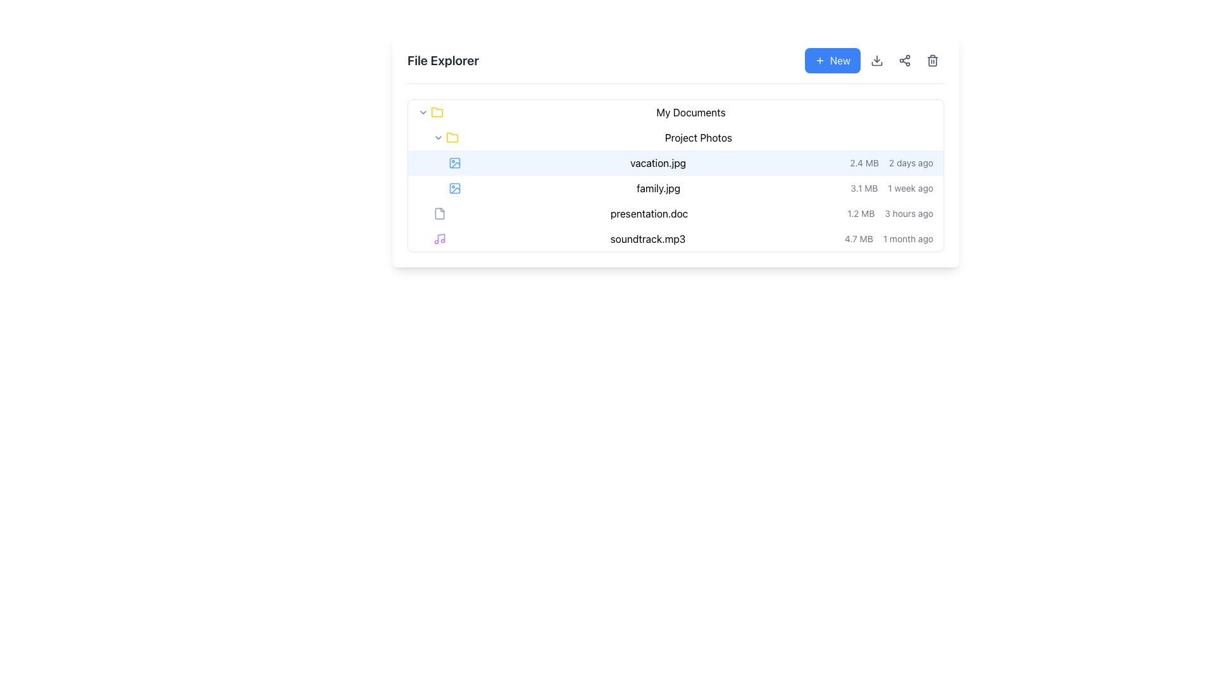 This screenshot has width=1215, height=683. Describe the element at coordinates (455, 163) in the screenshot. I see `the blue SVG icon representing an image located to the left of the filename 'vacation.jpg' for selection` at that location.